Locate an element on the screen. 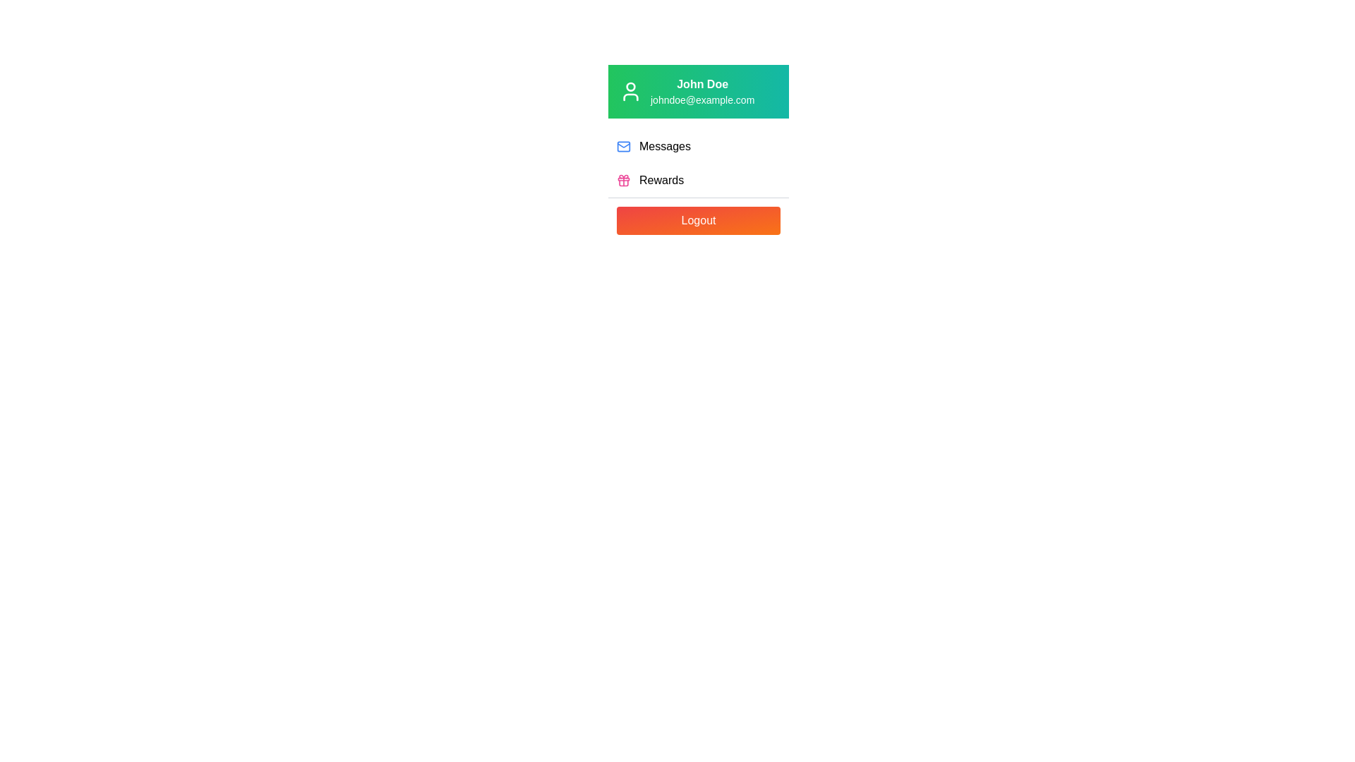 This screenshot has width=1355, height=762. the close button located at the top-left corner of the user profile card for 'John Doe' is located at coordinates (639, 90).